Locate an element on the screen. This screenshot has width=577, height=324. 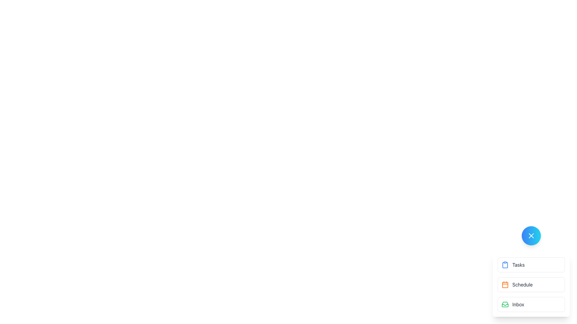
the orange calendar icon located to the left of the 'Schedule' text is located at coordinates (505, 284).